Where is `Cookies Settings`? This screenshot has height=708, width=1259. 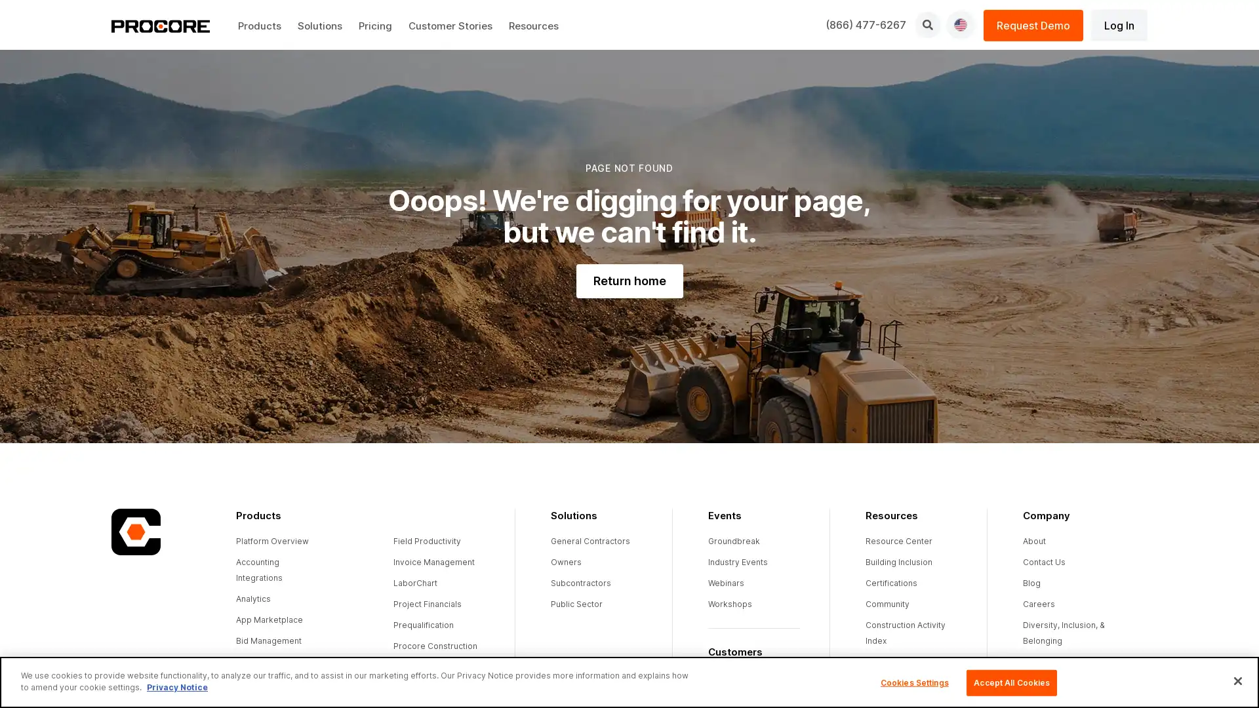 Cookies Settings is located at coordinates (913, 682).